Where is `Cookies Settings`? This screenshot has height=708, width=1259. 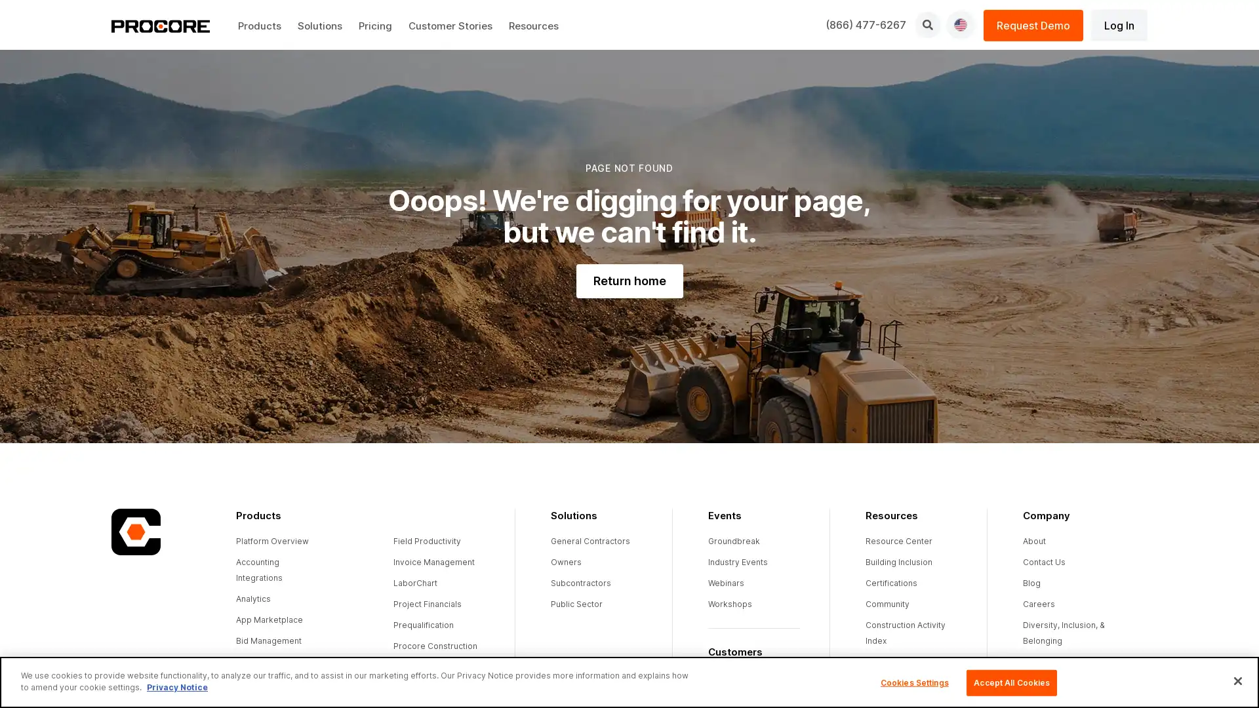 Cookies Settings is located at coordinates (913, 682).